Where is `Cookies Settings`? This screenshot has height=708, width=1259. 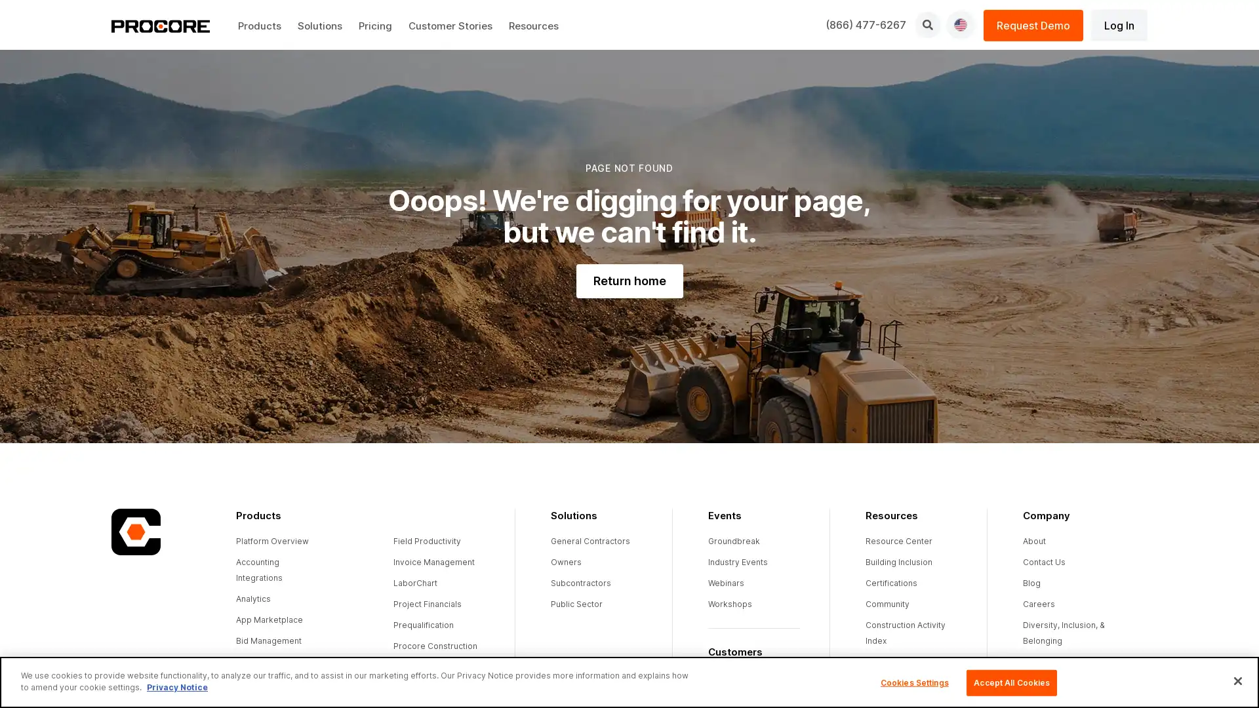 Cookies Settings is located at coordinates (913, 682).